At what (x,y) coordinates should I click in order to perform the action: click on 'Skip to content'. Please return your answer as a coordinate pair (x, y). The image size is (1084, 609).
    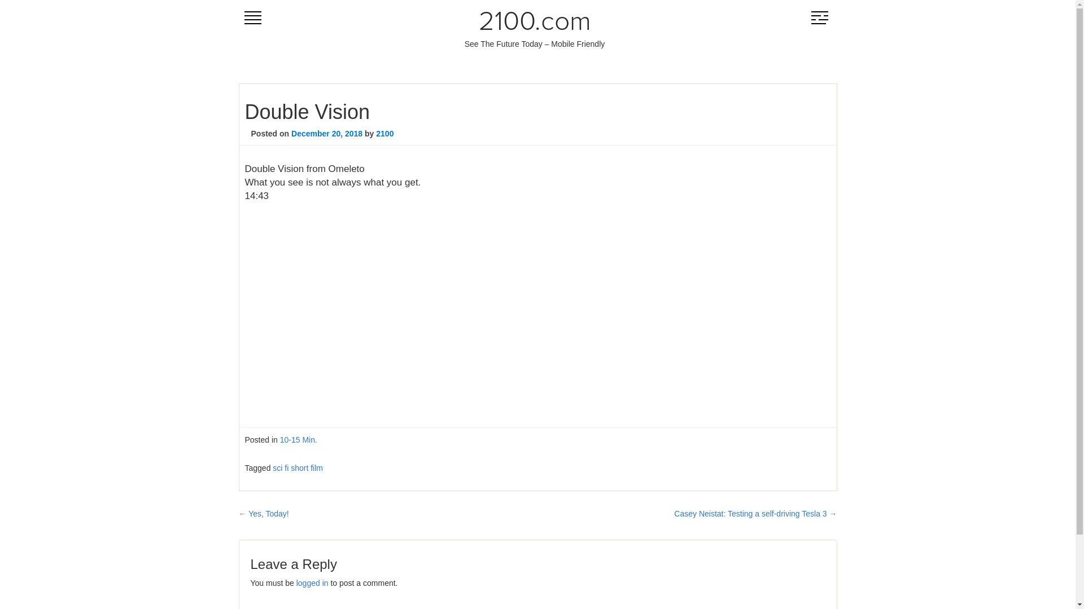
    Looking at the image, I should click on (238, 16).